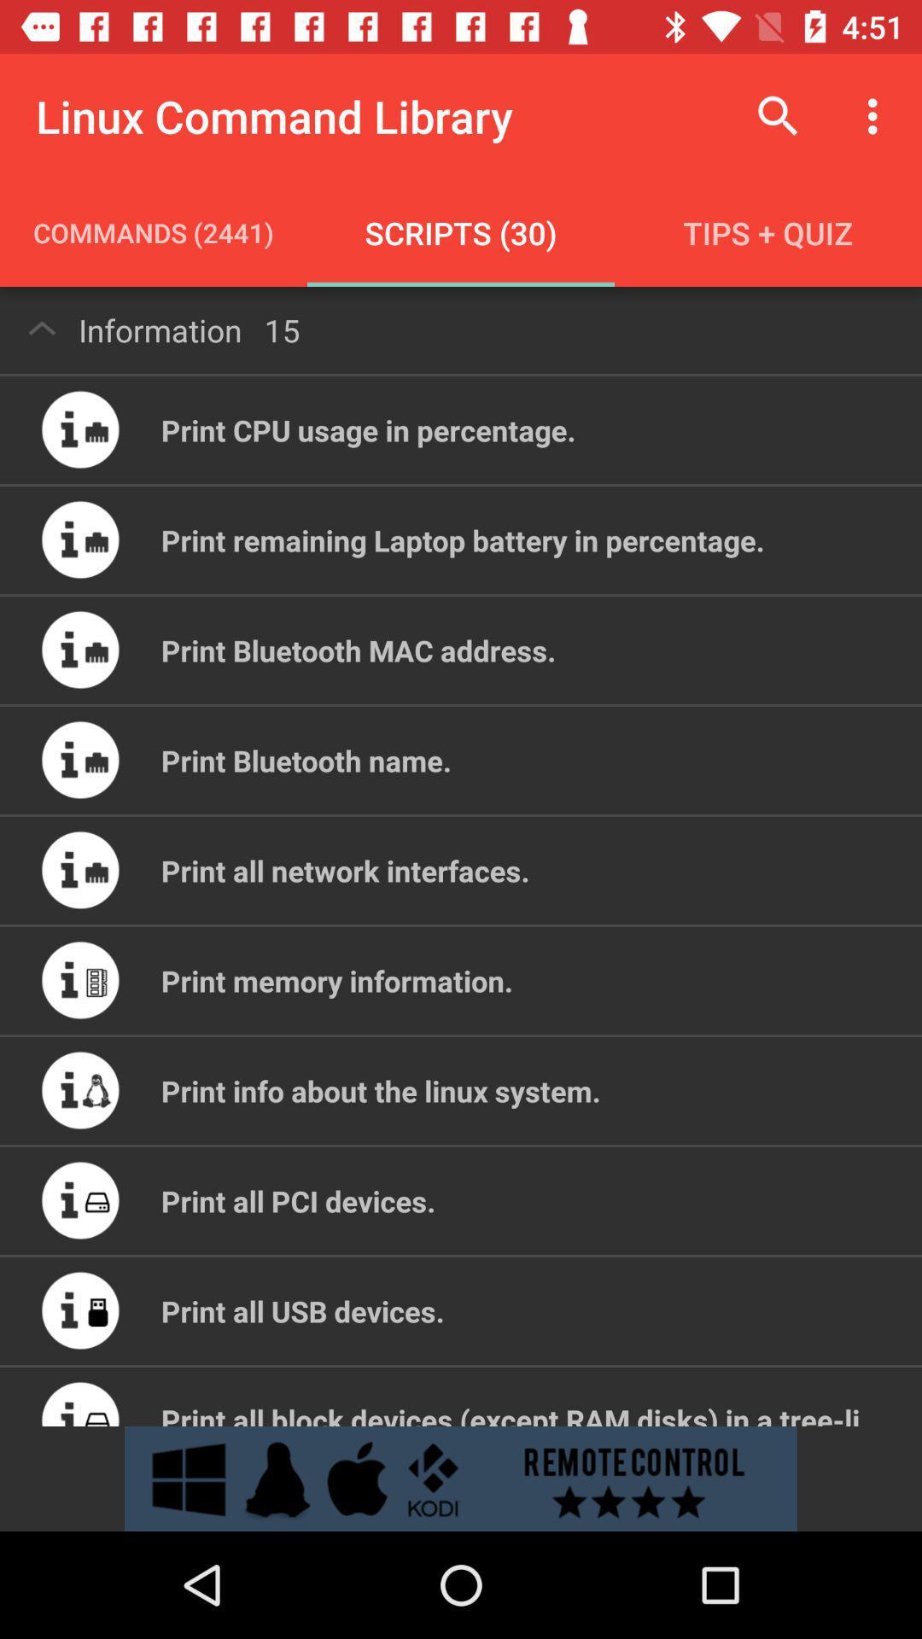 This screenshot has height=1639, width=922. What do you see at coordinates (461, 1478) in the screenshot?
I see `advertisement page` at bounding box center [461, 1478].